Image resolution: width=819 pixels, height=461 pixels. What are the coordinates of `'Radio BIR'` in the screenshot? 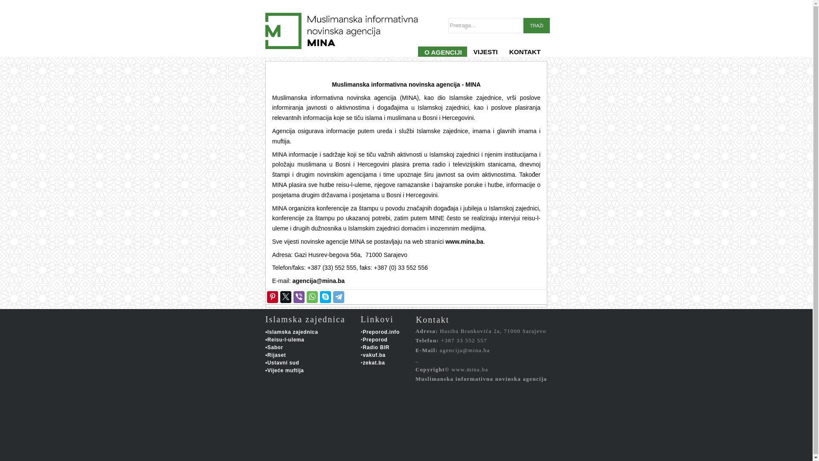 It's located at (375, 347).